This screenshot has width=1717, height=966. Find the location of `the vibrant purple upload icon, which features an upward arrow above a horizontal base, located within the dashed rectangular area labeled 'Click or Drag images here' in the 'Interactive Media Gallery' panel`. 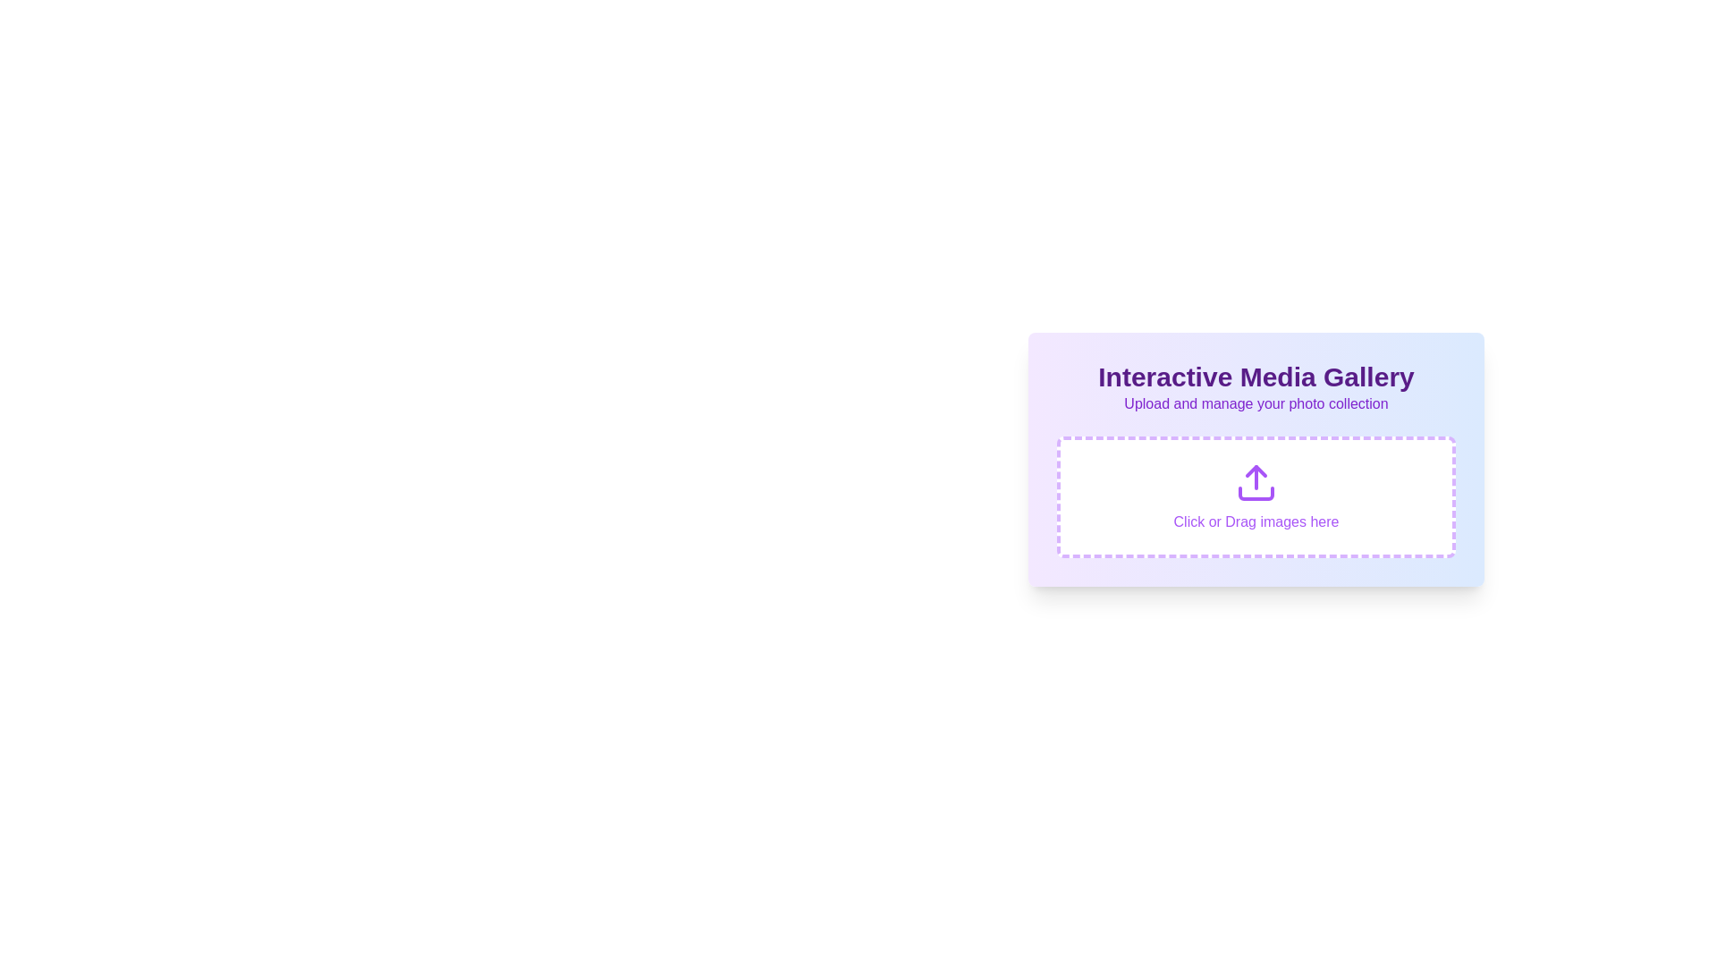

the vibrant purple upload icon, which features an upward arrow above a horizontal base, located within the dashed rectangular area labeled 'Click or Drag images here' in the 'Interactive Media Gallery' panel is located at coordinates (1256, 483).